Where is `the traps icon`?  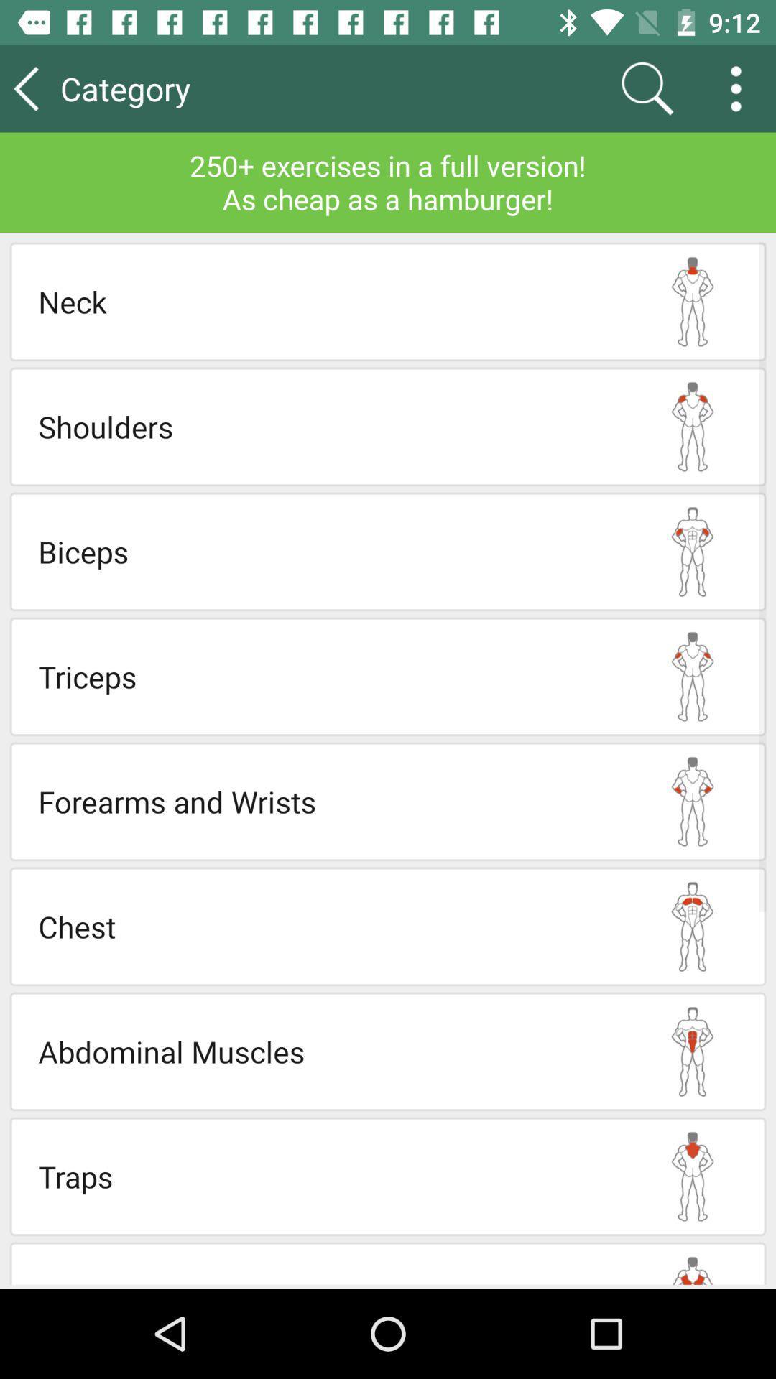 the traps icon is located at coordinates (328, 1176).